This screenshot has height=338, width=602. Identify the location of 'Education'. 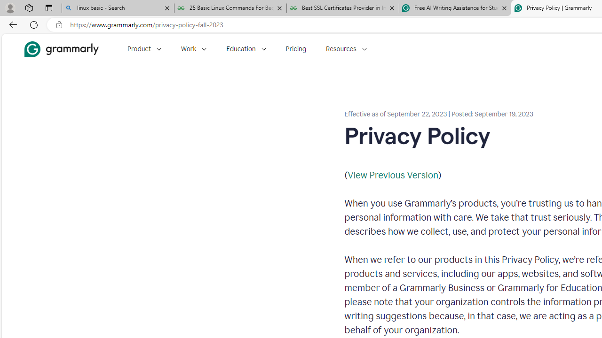
(246, 49).